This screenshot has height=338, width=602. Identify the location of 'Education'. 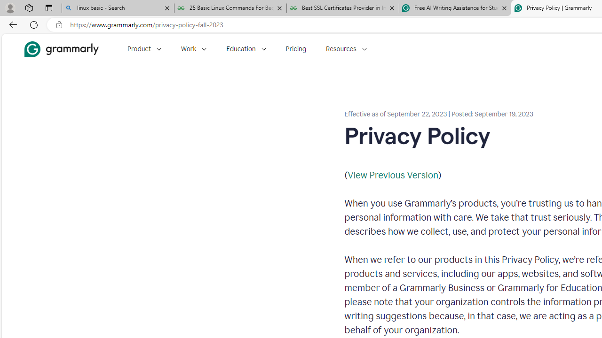
(246, 49).